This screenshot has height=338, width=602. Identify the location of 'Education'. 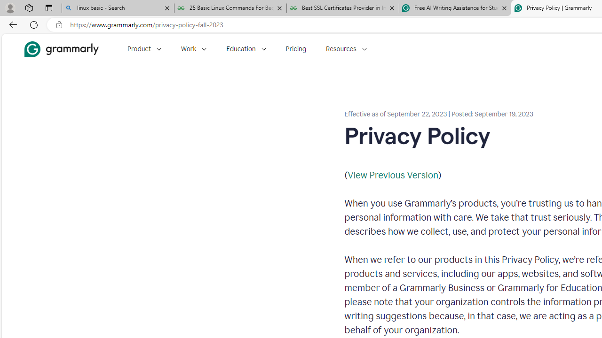
(246, 49).